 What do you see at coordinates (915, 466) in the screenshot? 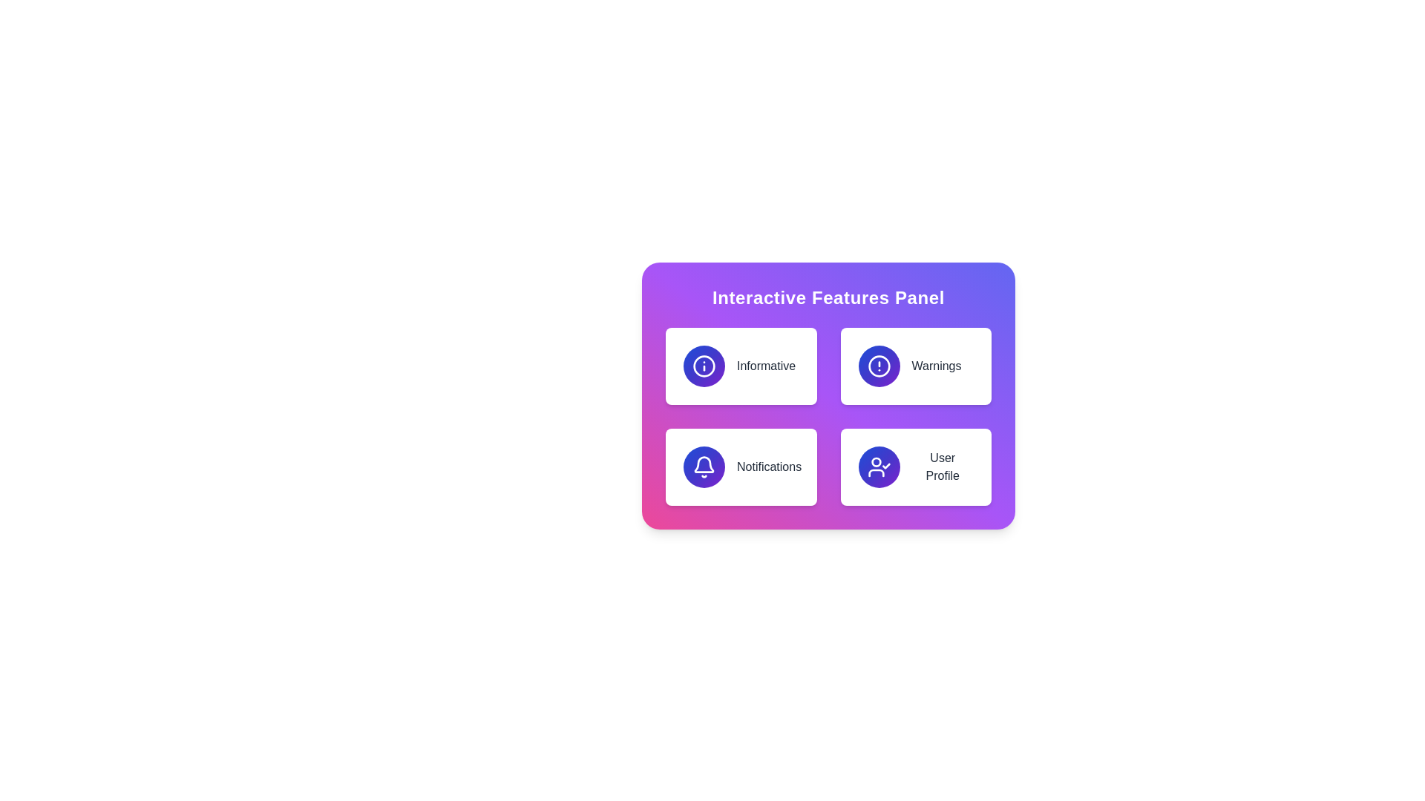
I see `the user profile button located in the bottom-right cell of the 'Interactive Features Panel'` at bounding box center [915, 466].